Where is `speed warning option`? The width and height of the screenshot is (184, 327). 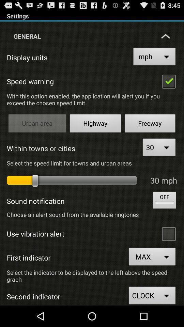
speed warning option is located at coordinates (168, 81).